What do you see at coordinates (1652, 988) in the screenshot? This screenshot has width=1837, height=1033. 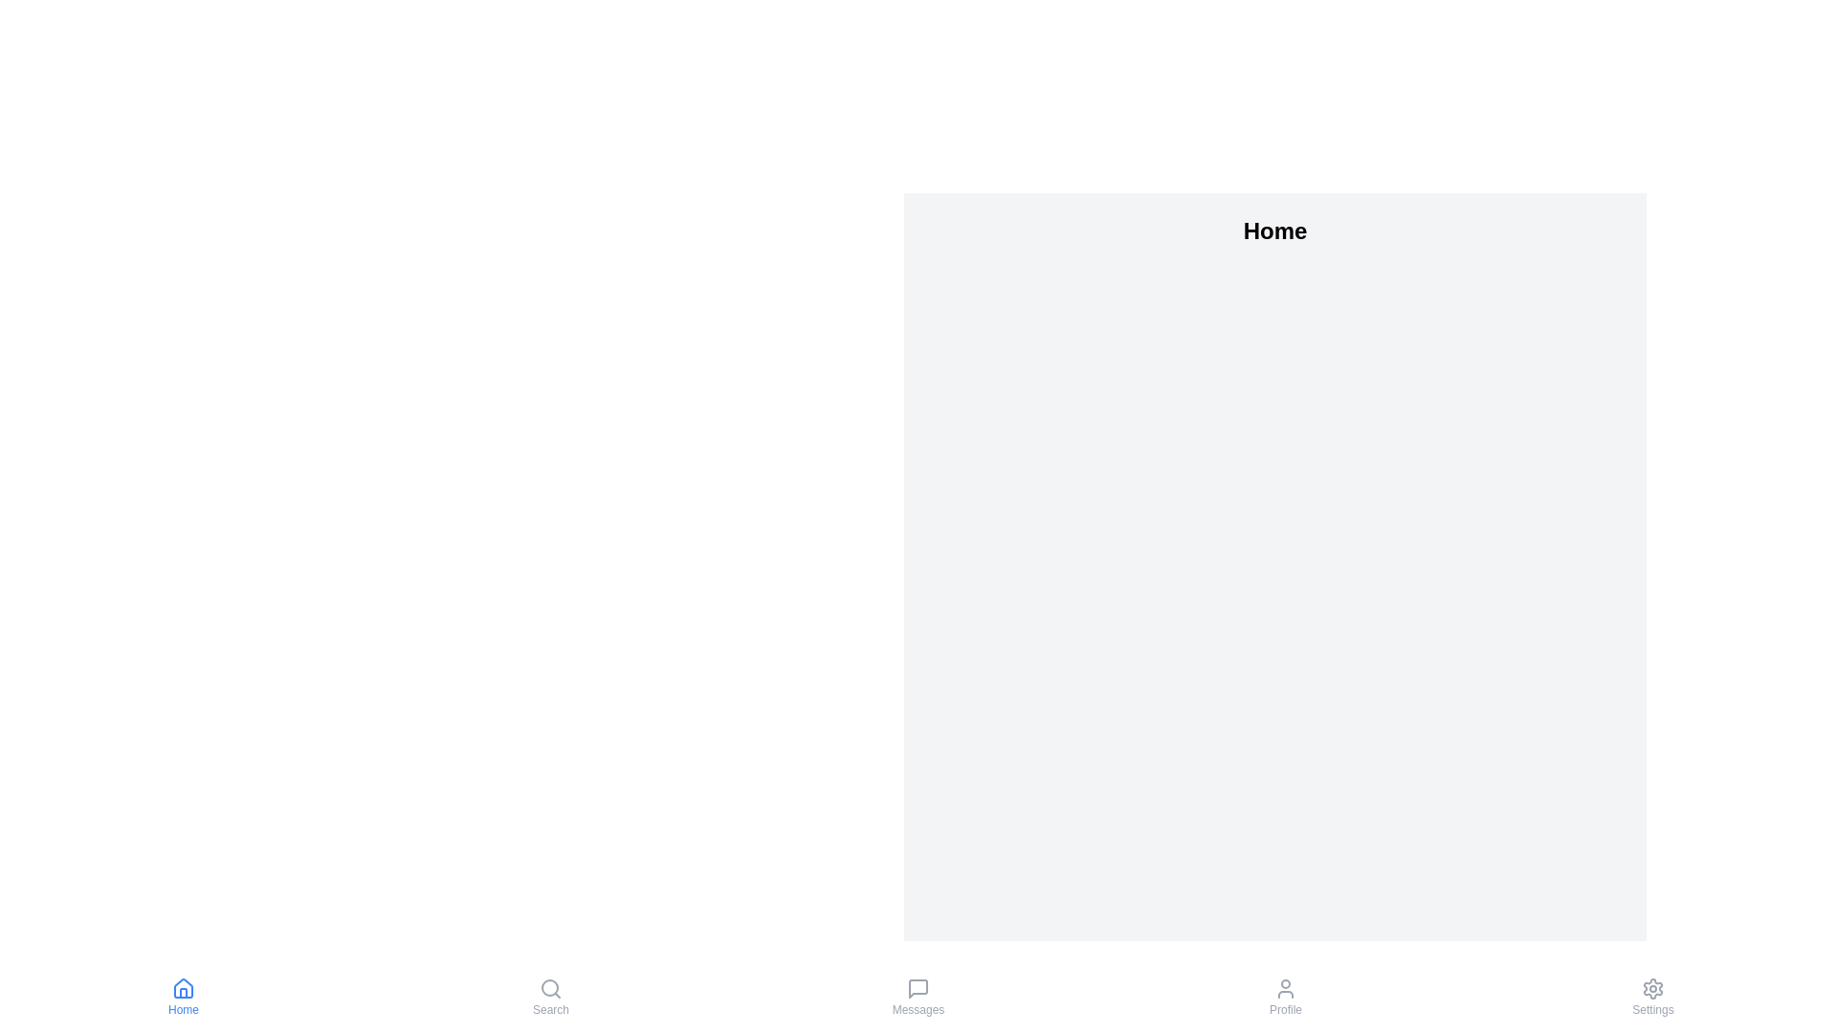 I see `the settings icon located at the bottom navigation bar` at bounding box center [1652, 988].